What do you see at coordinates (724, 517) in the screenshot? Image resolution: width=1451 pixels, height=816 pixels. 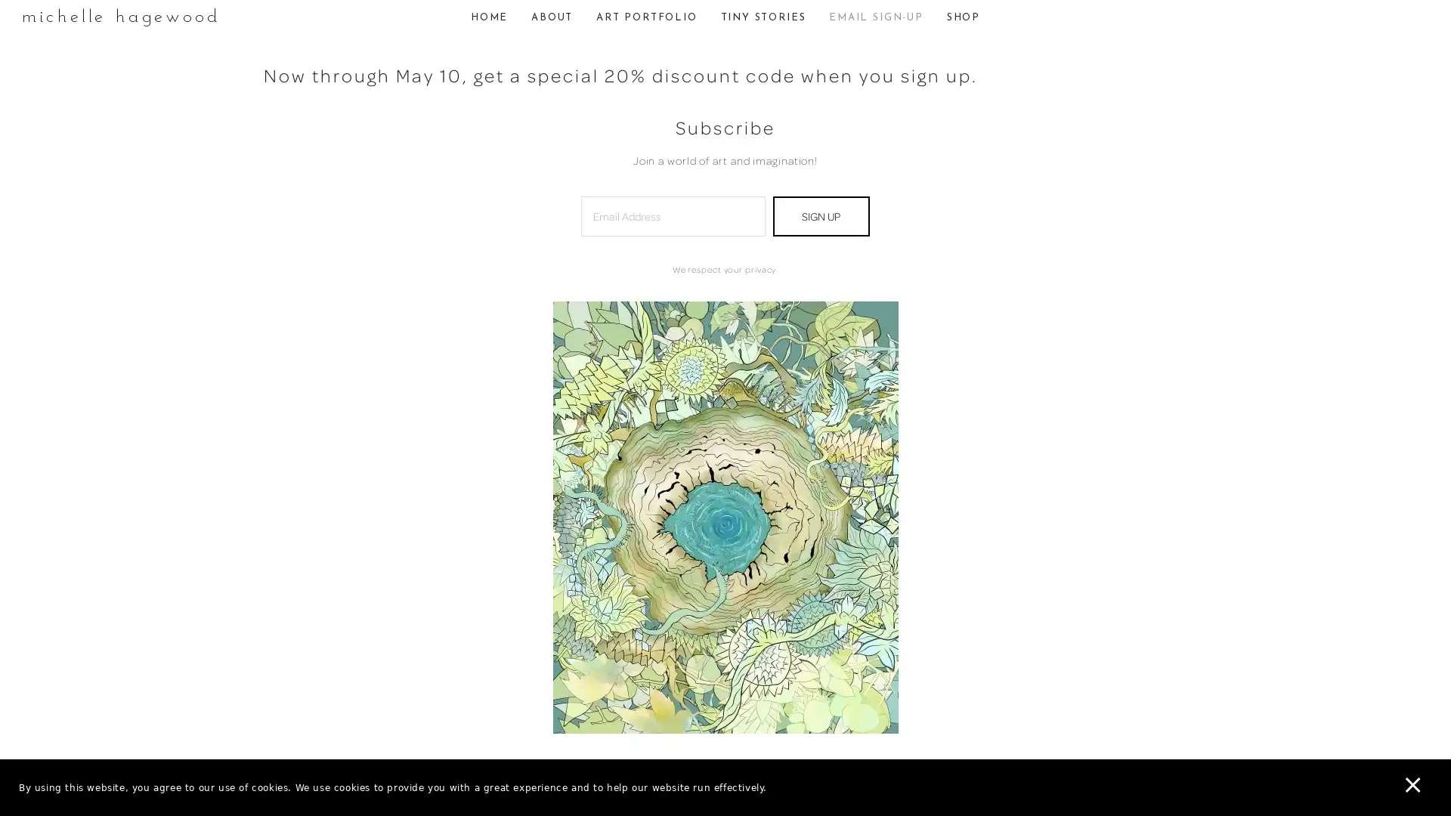 I see `View fullsize Hollowthumbnail.jpg` at bounding box center [724, 517].